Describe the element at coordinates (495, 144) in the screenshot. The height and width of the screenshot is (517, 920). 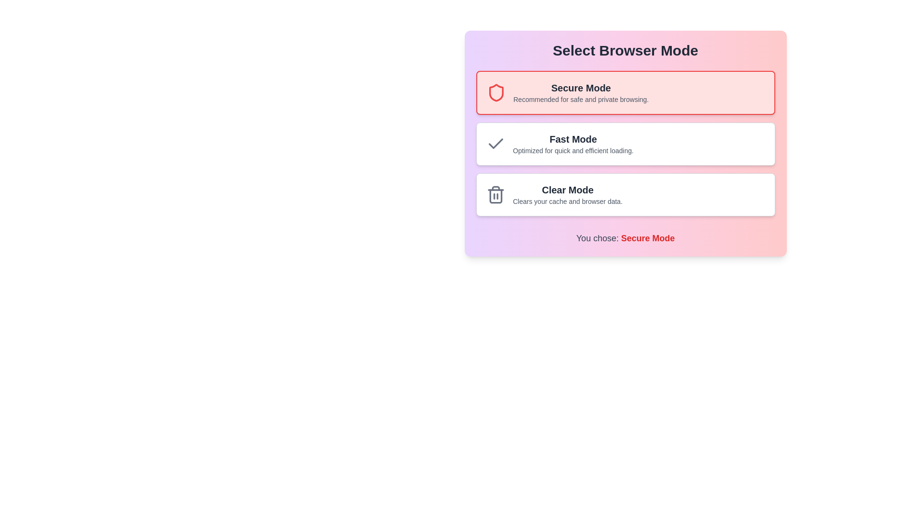
I see `the checkmark icon located next to the 'Fast Mode' option in the browser modes list` at that location.